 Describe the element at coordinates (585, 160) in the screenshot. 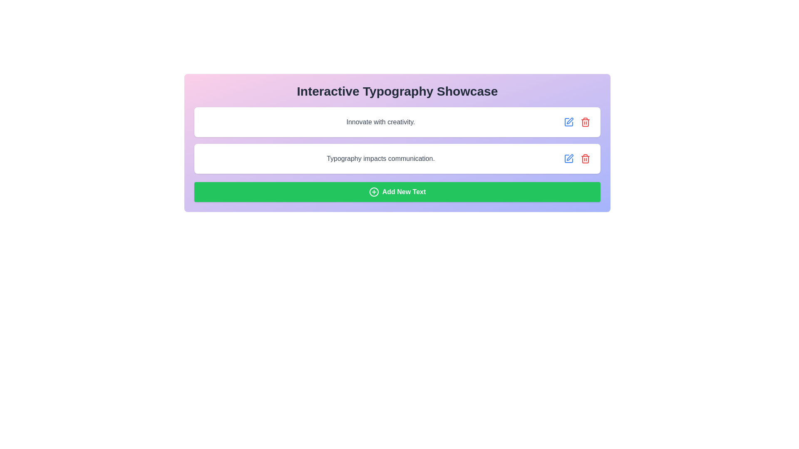

I see `the right side panel of the trash can icon` at that location.